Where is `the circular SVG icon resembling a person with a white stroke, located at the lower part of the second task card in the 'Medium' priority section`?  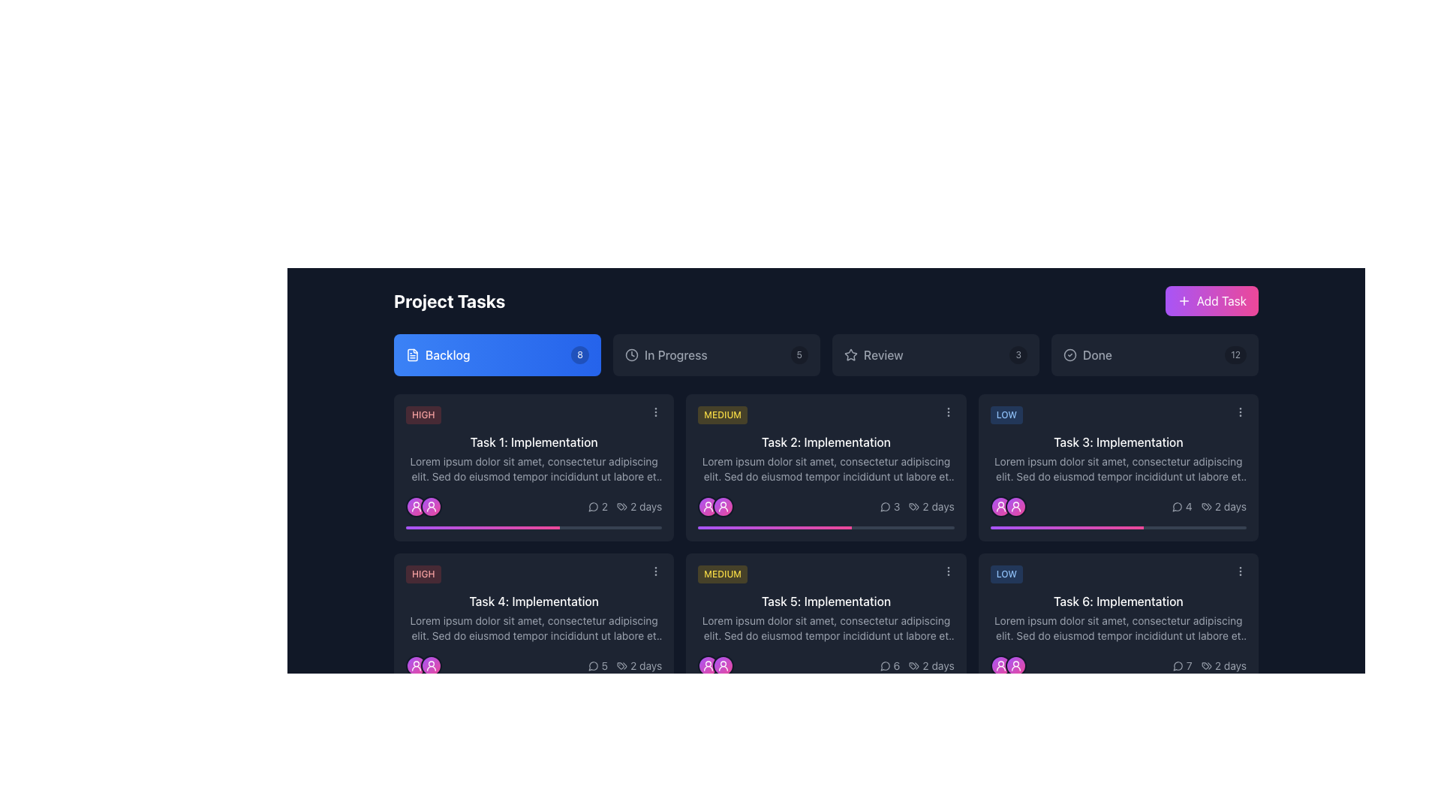 the circular SVG icon resembling a person with a white stroke, located at the lower part of the second task card in the 'Medium' priority section is located at coordinates (724, 507).